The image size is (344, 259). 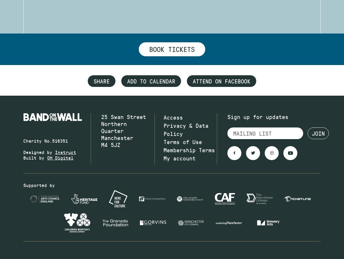 What do you see at coordinates (101, 81) in the screenshot?
I see `'share'` at bounding box center [101, 81].